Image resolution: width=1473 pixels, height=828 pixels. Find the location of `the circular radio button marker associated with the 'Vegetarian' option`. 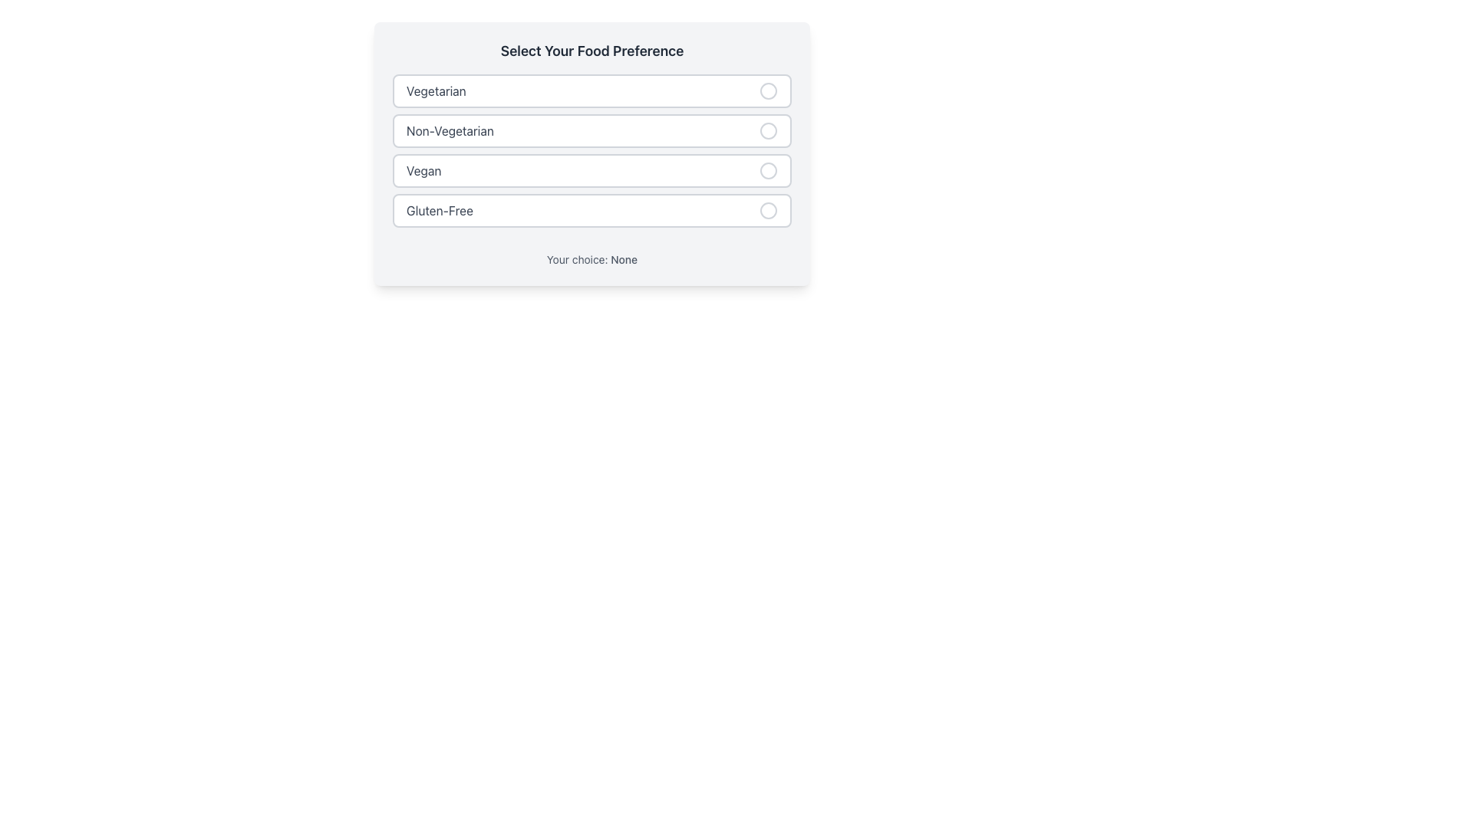

the circular radio button marker associated with the 'Vegetarian' option is located at coordinates (769, 91).